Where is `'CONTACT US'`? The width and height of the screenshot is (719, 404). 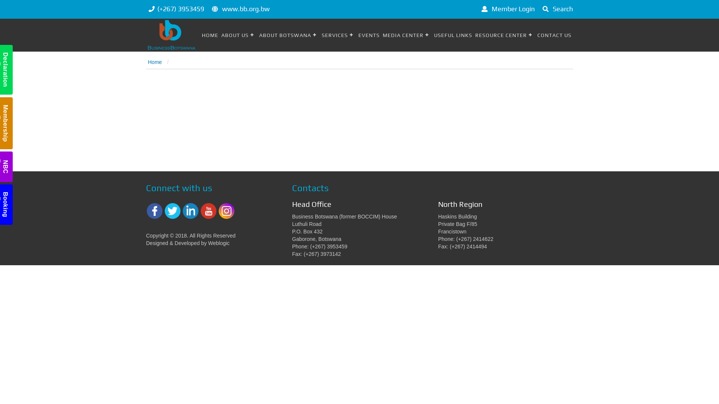
'CONTACT US' is located at coordinates (554, 35).